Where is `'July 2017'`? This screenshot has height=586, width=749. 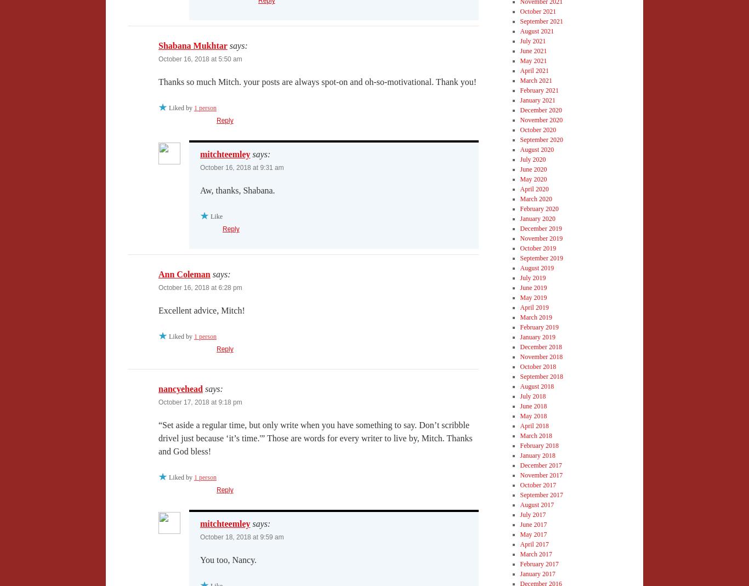 'July 2017' is located at coordinates (532, 514).